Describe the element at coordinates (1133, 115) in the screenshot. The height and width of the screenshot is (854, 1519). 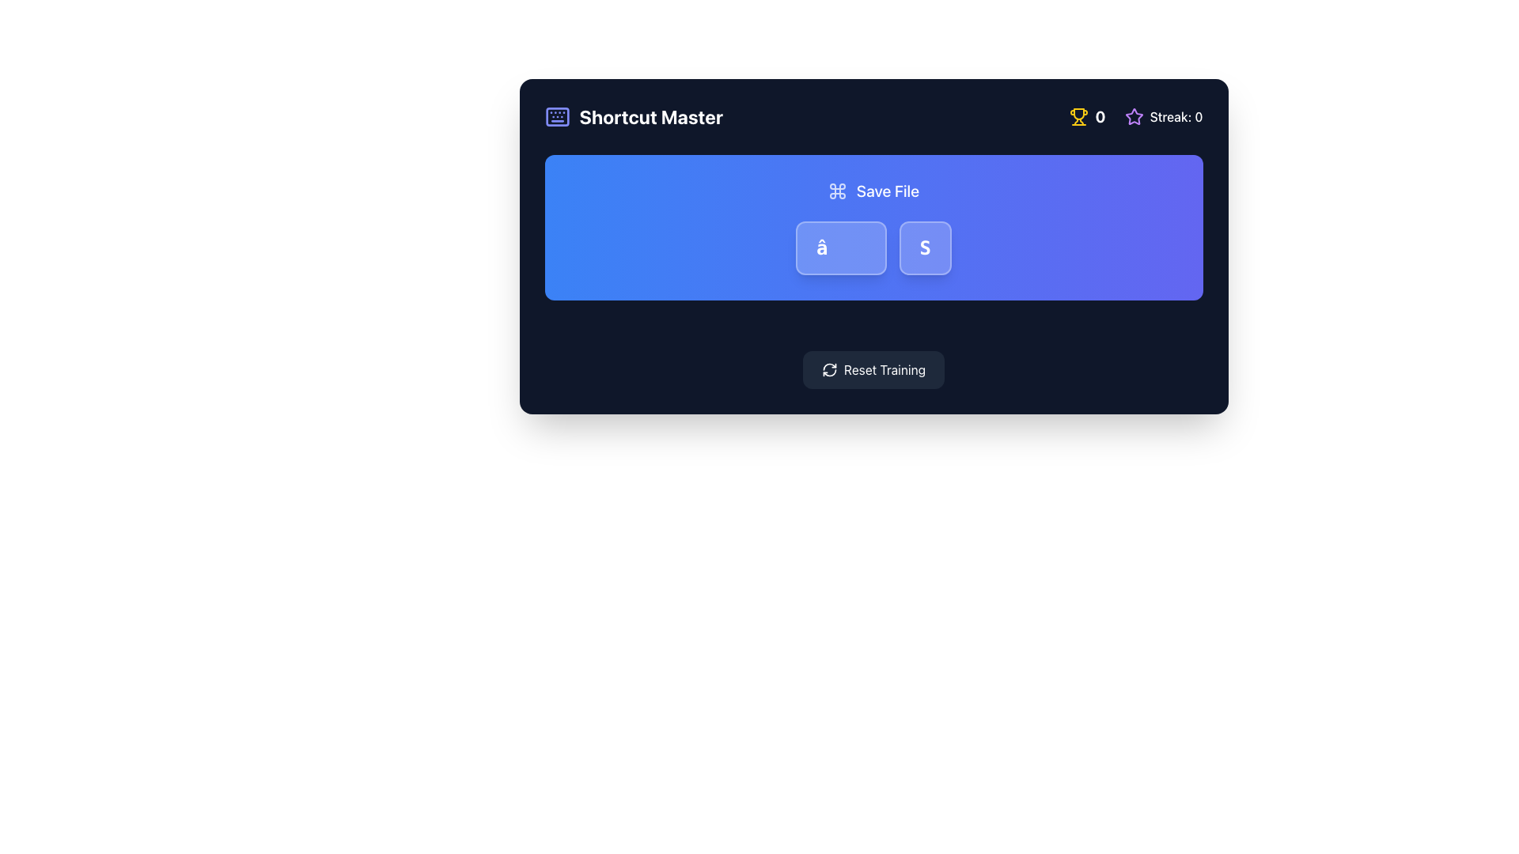
I see `the star icon with a purple outline located in the top-right corner of the interface, to the left of the text 'Streak: 0'` at that location.